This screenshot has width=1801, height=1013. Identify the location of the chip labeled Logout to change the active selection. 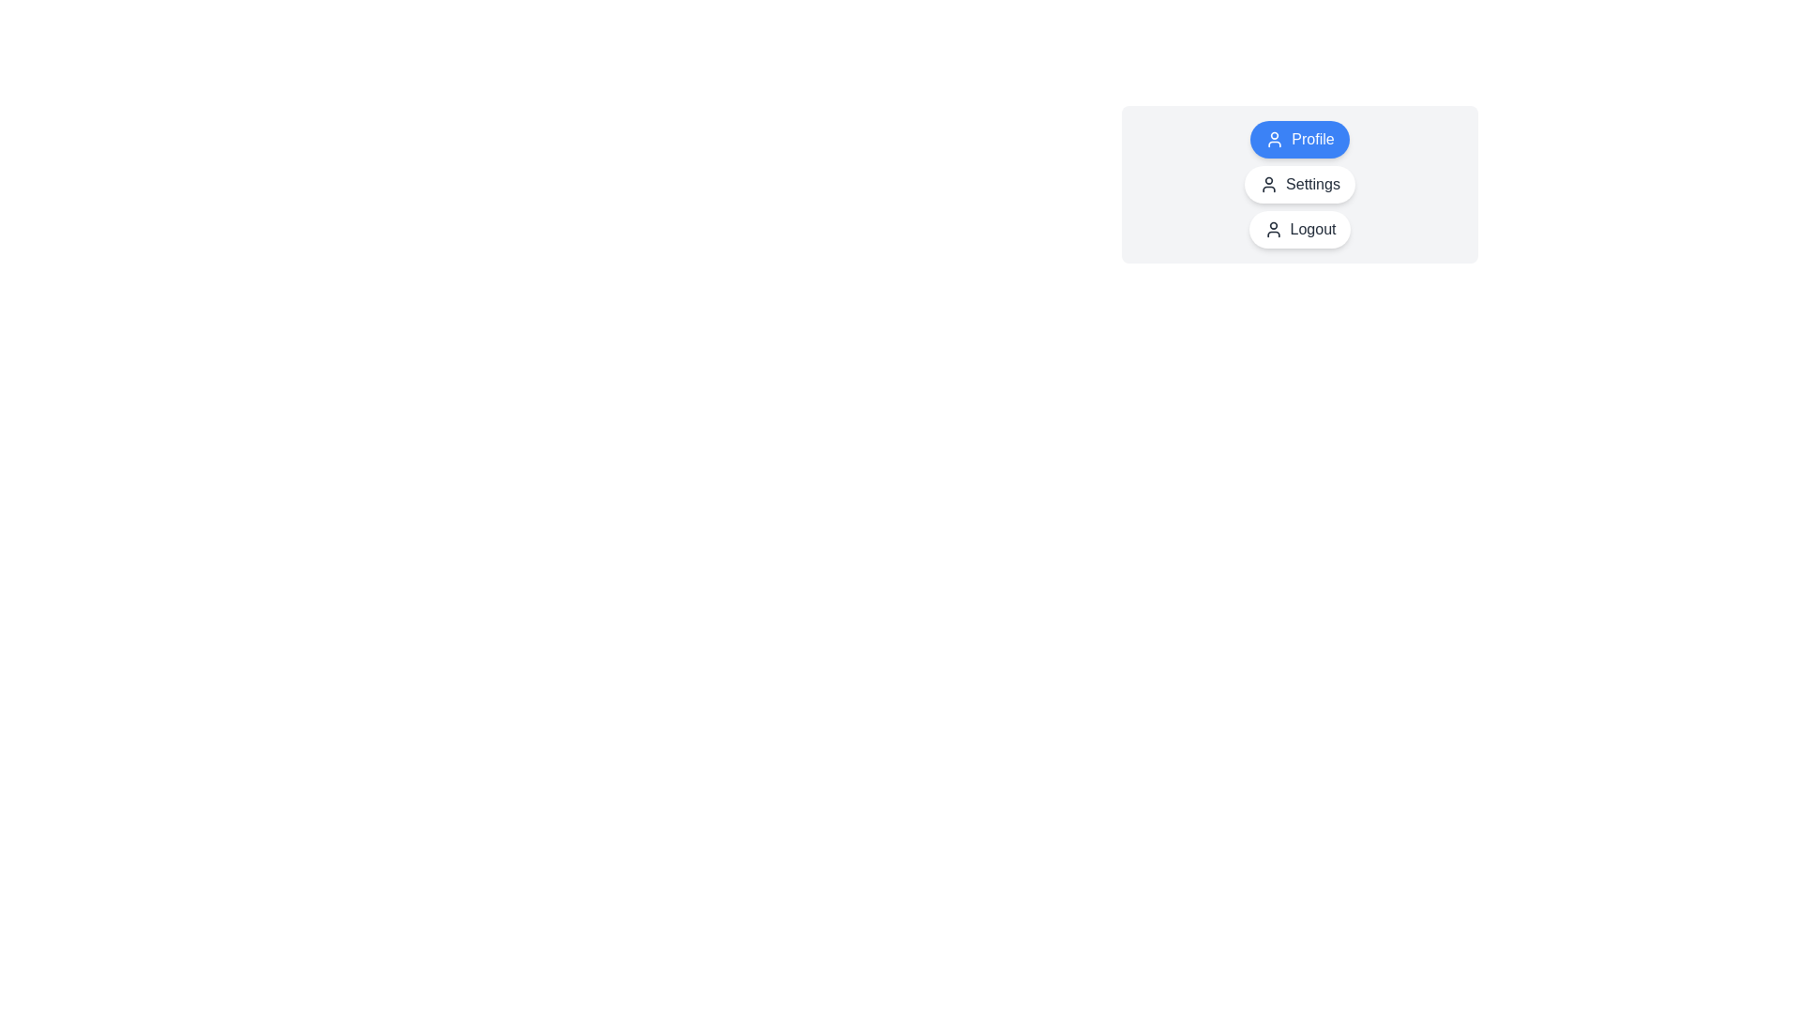
(1299, 229).